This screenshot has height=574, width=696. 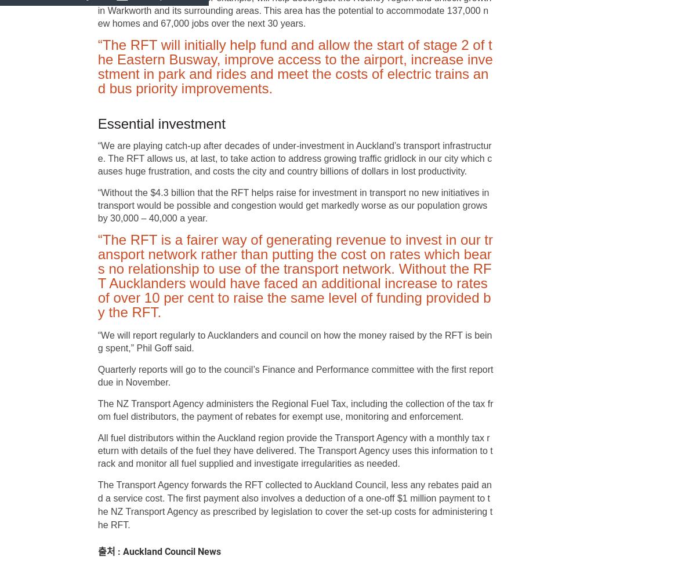 What do you see at coordinates (292, 205) in the screenshot?
I see `'“Without the $4.3 billion that the RFT helps raise for investment in transport no new initiatives in transport would be possible and congestion would get markedly worse as our population grows by 30,000 – 40,000 a year.'` at bounding box center [292, 205].